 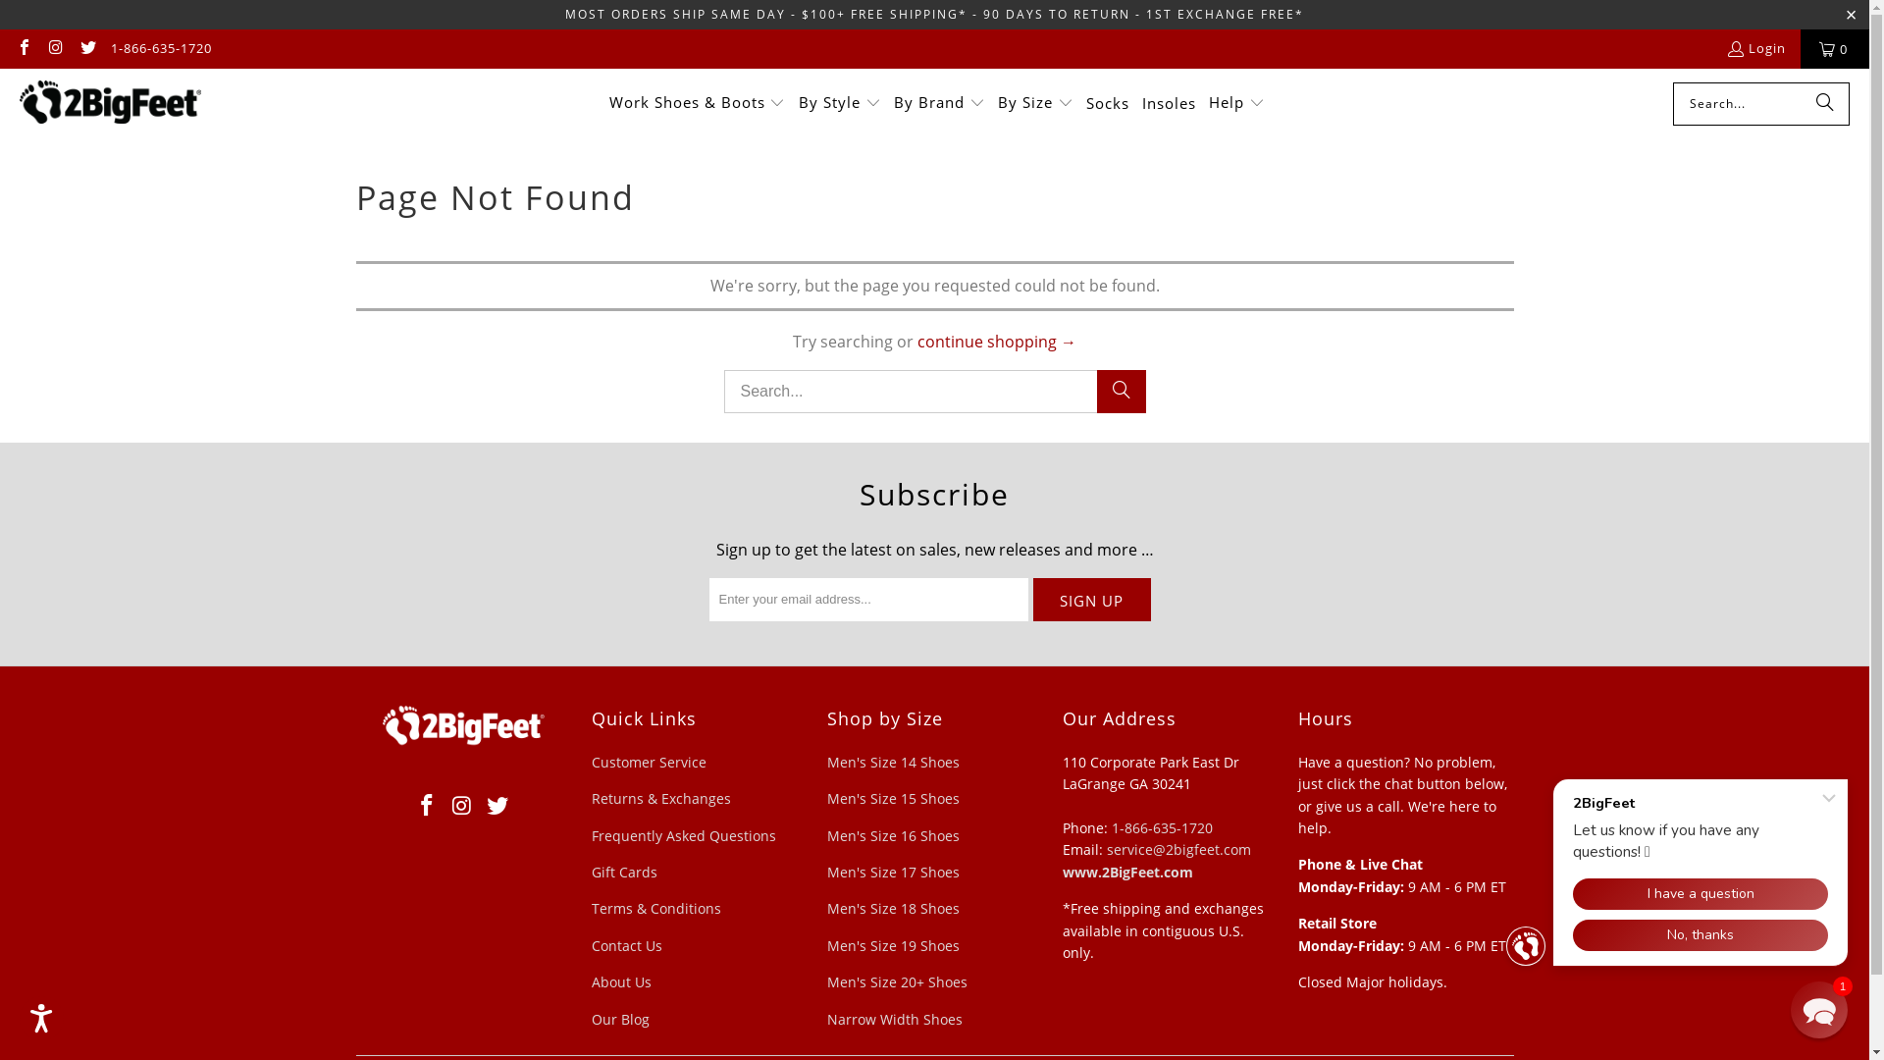 What do you see at coordinates (891, 798) in the screenshot?
I see `'Men's Size 15 Shoes'` at bounding box center [891, 798].